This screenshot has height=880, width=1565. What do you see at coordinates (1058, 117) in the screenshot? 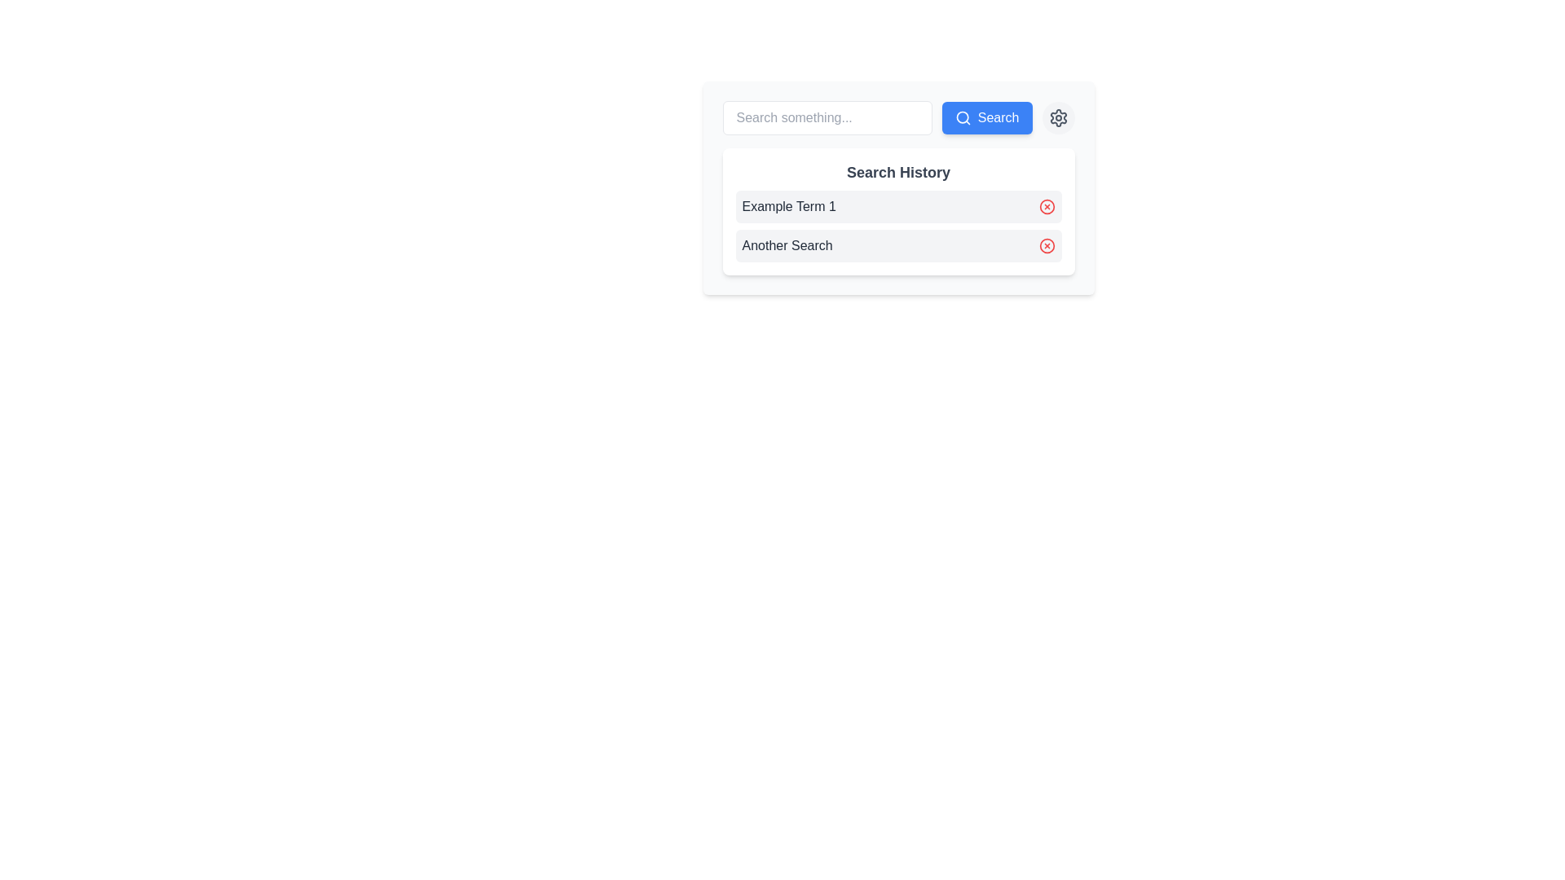
I see `the settings button with an embedded icon located at the rightmost end of the search bar section` at bounding box center [1058, 117].